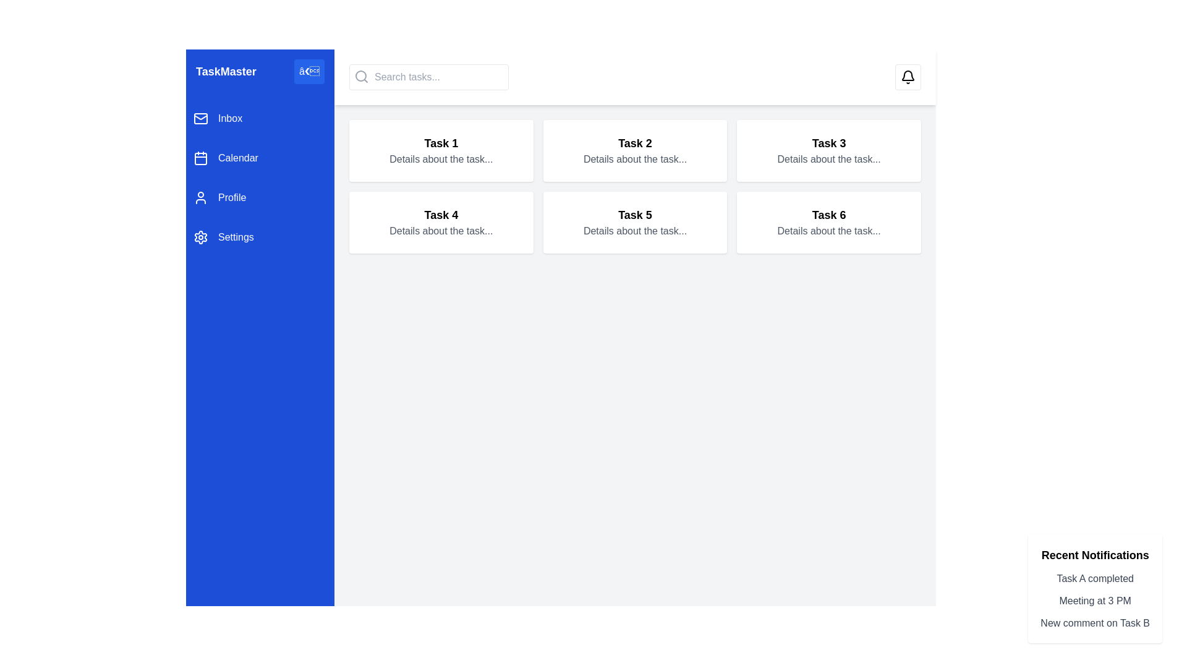 The width and height of the screenshot is (1187, 668). I want to click on text line styled in gray that says 'Details about the task...' located under the bold title 'Task 2' in the second column of the first row of the grid layout, so click(635, 159).